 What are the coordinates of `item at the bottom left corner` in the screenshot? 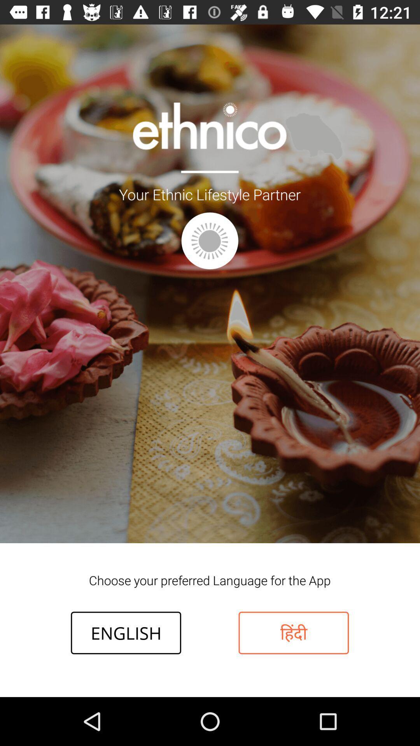 It's located at (126, 633).